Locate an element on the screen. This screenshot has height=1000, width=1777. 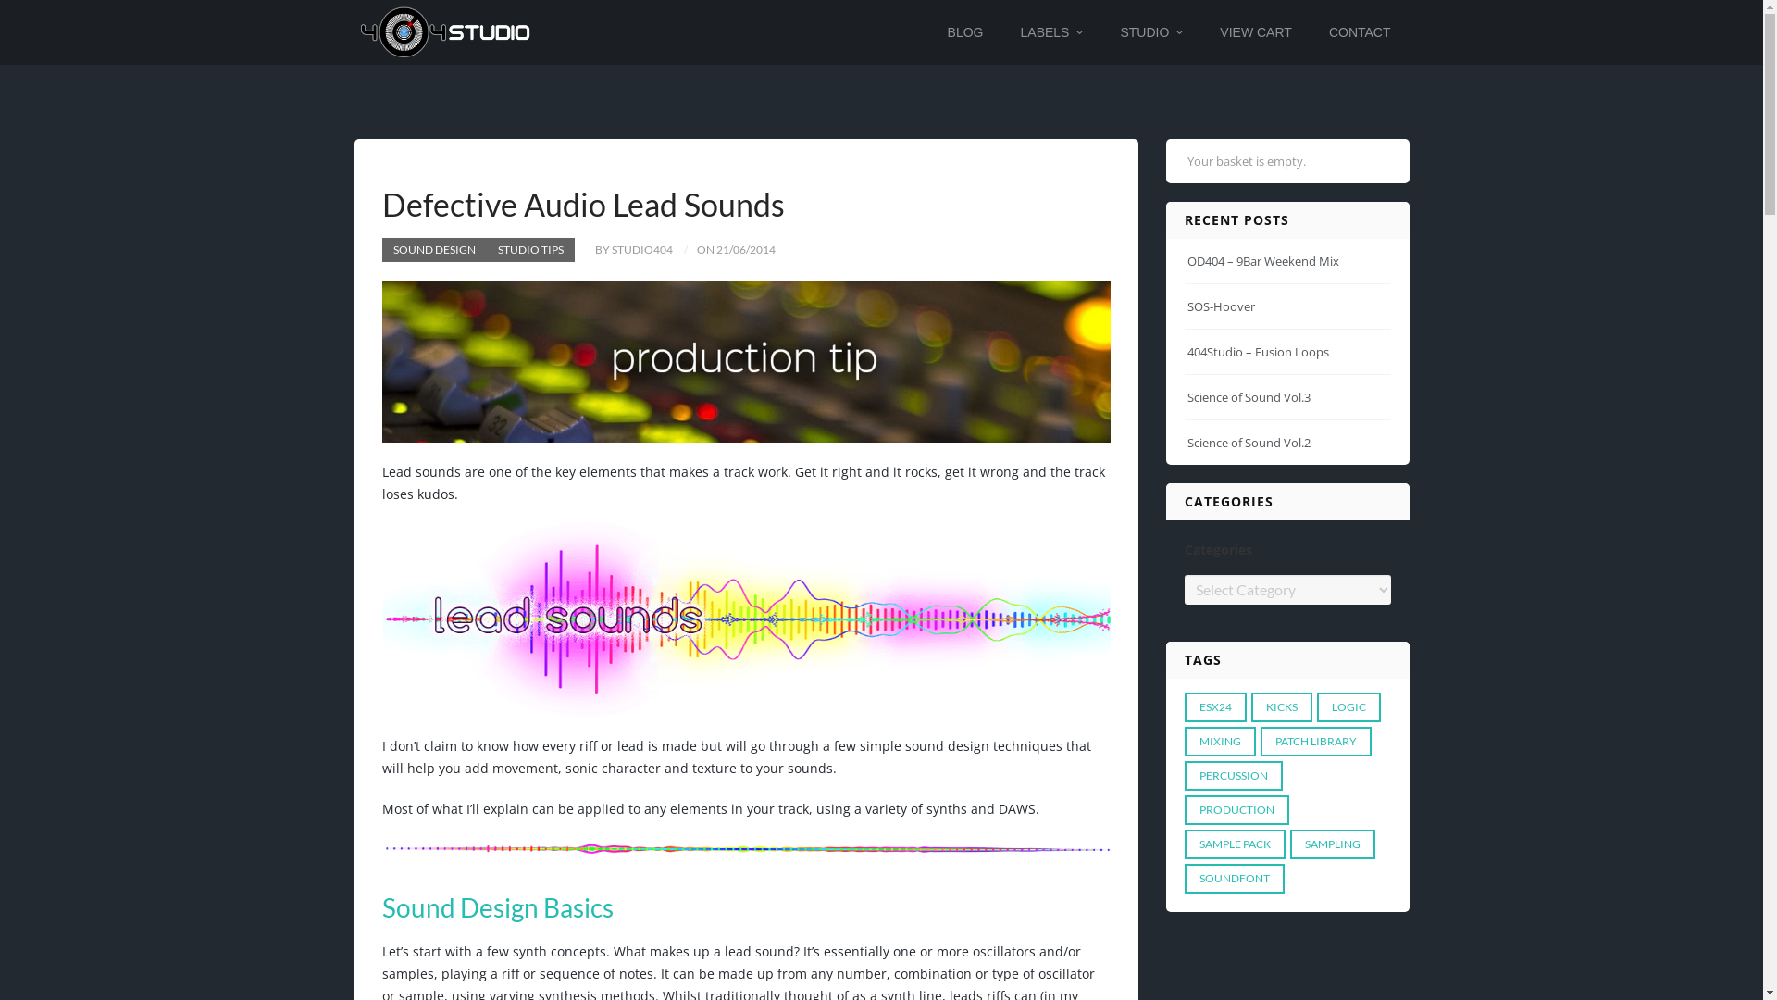
'BY STUDIO404' is located at coordinates (623, 250).